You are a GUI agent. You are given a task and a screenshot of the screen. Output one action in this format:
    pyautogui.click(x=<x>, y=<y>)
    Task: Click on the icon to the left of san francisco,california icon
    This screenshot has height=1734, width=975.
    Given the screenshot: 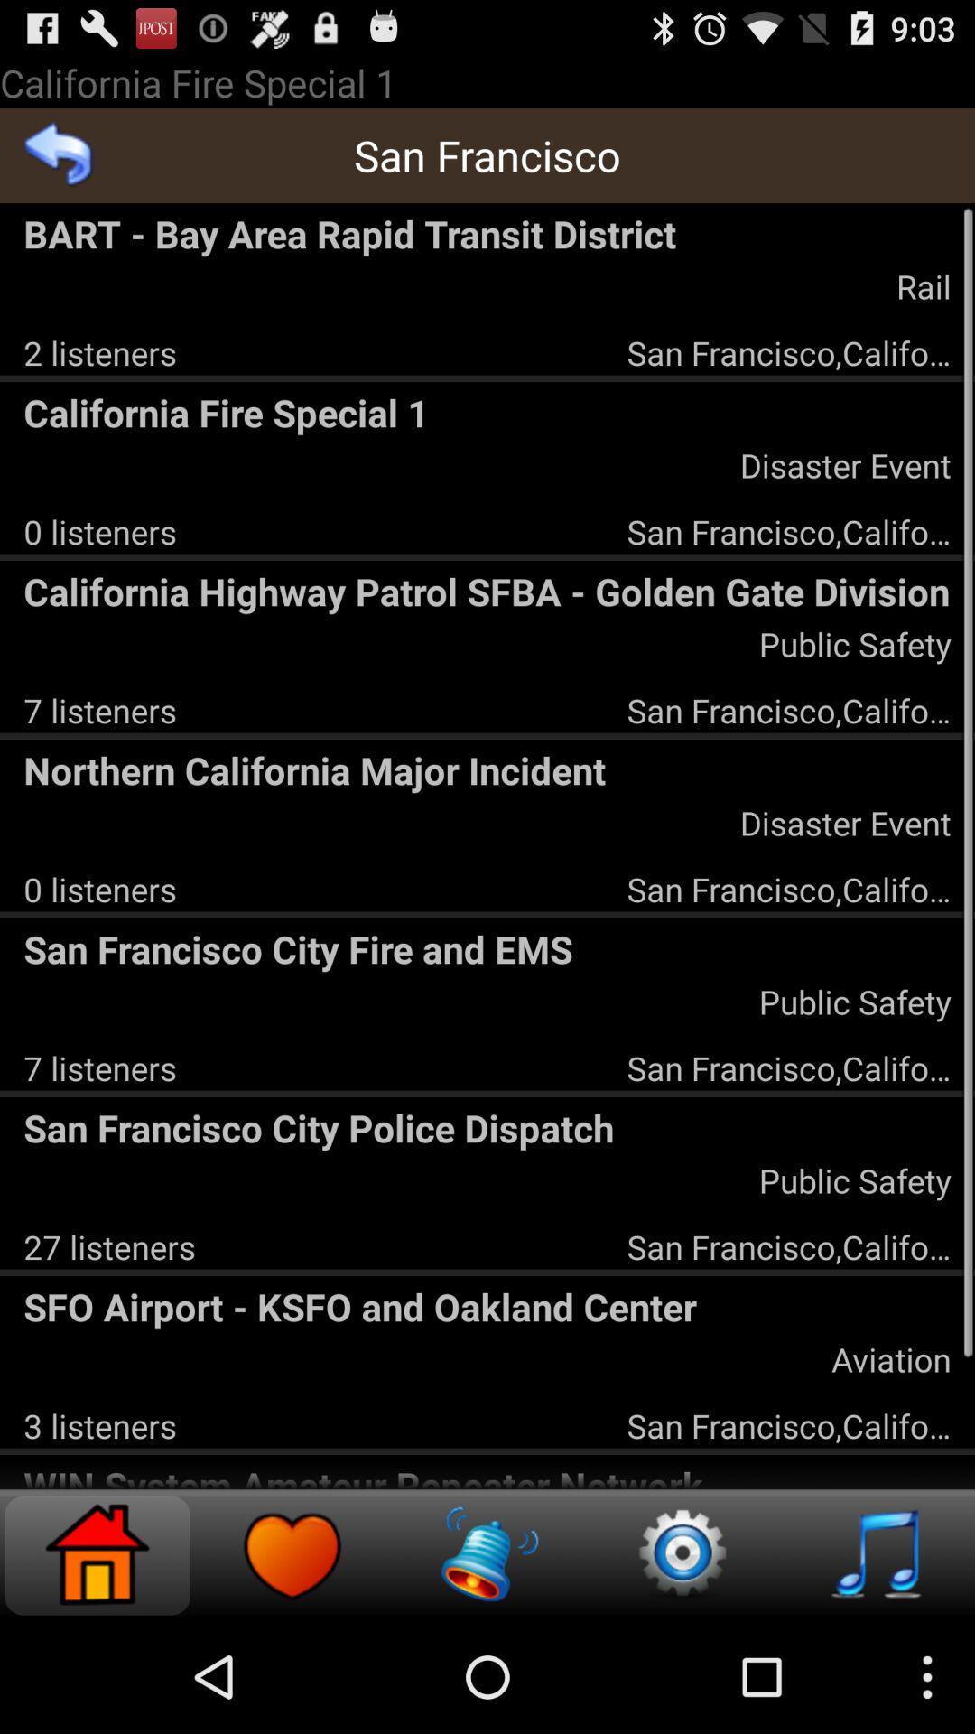 What is the action you would take?
    pyautogui.click(x=100, y=1424)
    